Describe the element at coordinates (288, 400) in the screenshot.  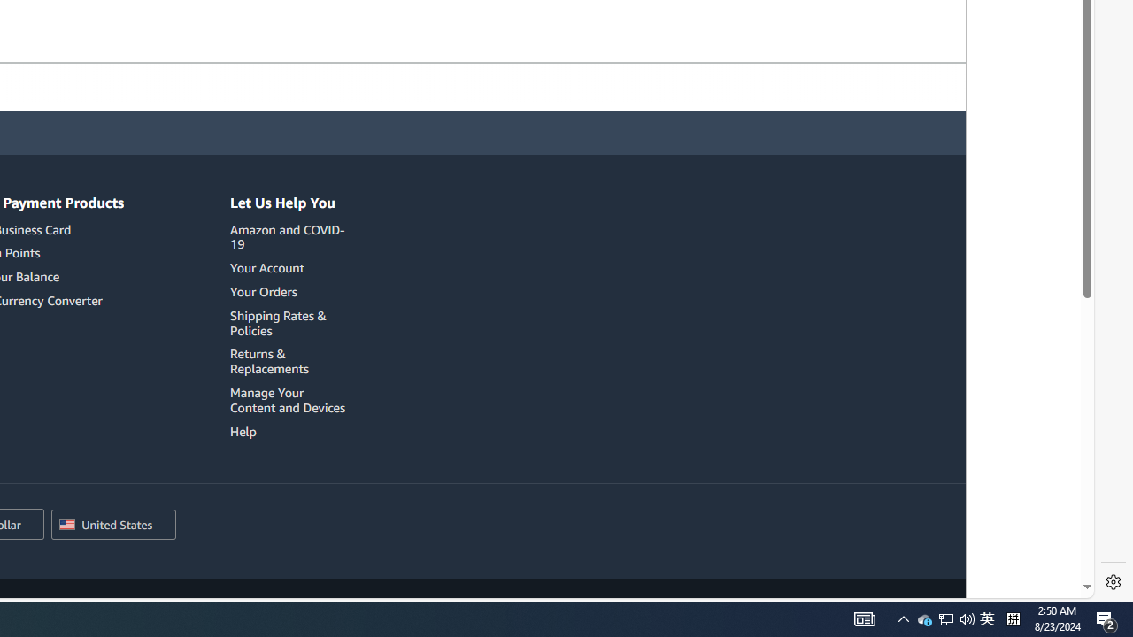
I see `'Manage Your Content and Devices'` at that location.